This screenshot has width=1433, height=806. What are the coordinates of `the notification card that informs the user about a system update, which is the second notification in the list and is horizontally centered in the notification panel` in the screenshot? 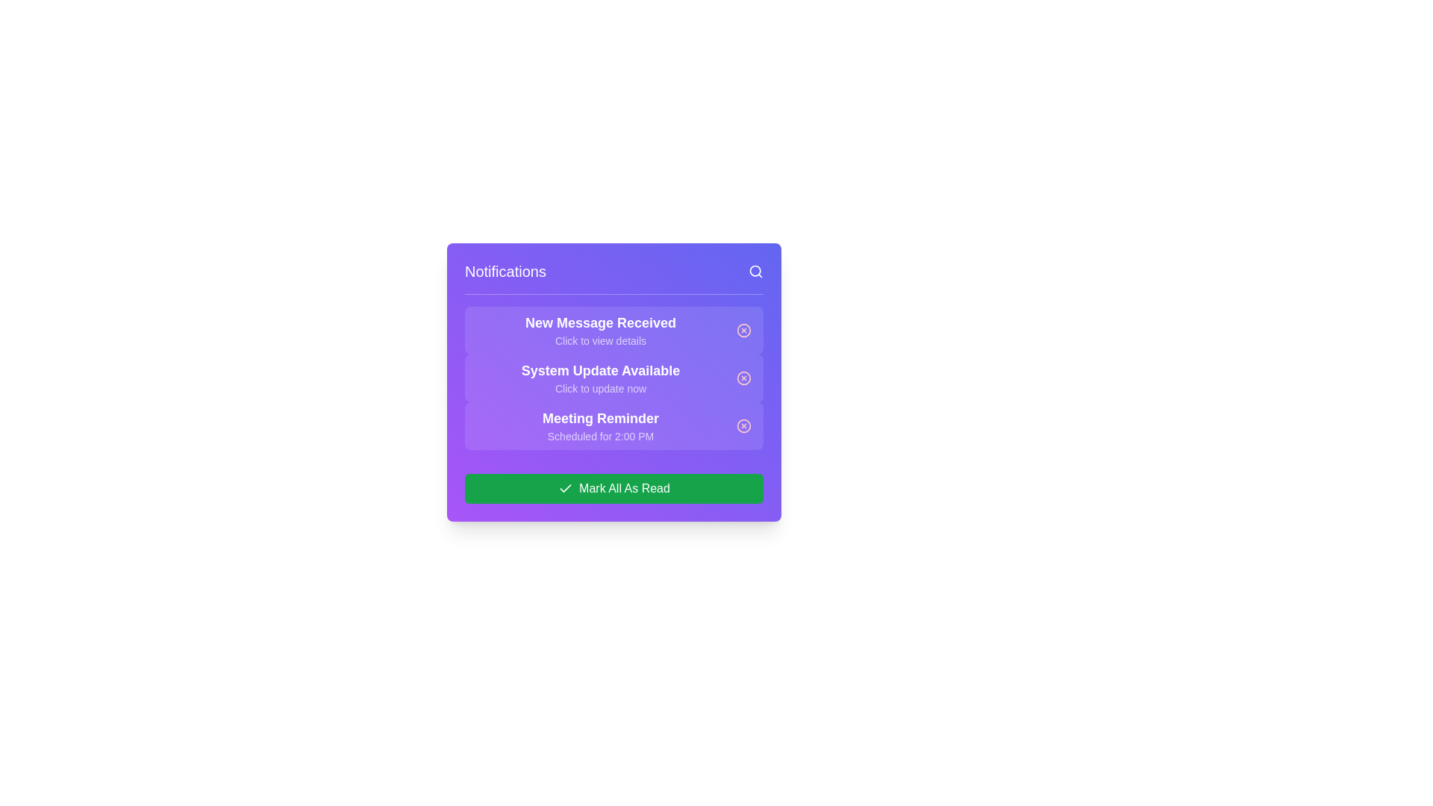 It's located at (614, 377).